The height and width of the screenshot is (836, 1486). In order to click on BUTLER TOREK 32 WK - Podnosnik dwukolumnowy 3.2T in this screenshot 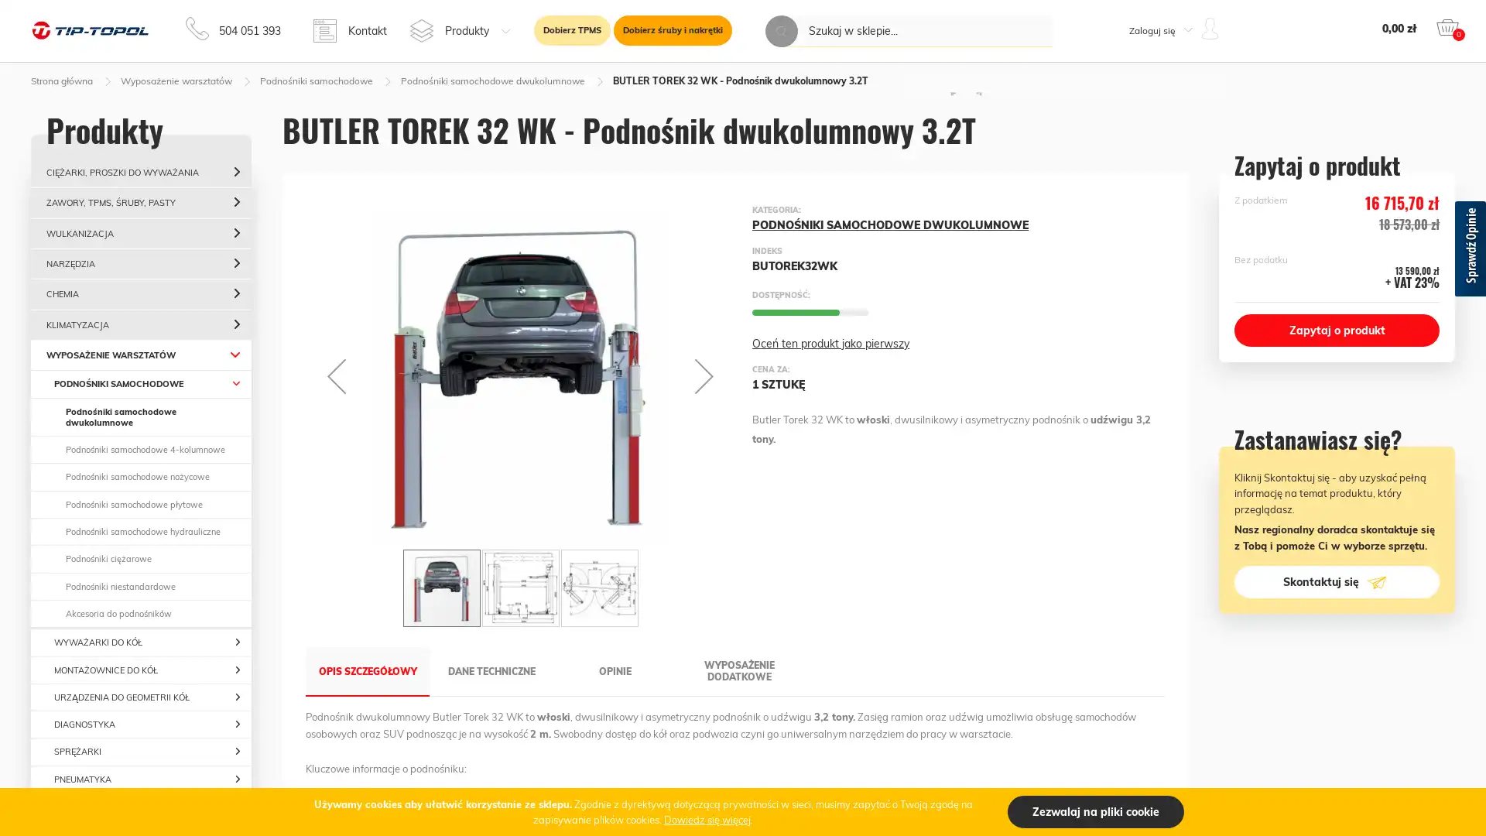, I will do `click(441, 588)`.